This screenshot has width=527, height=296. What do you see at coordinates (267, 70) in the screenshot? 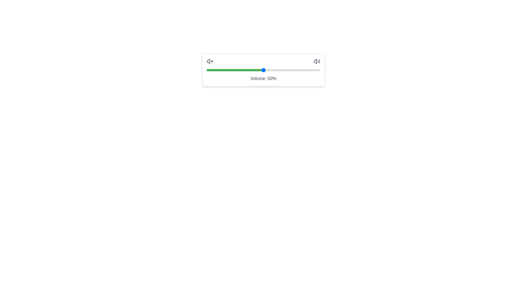
I see `the volume level` at bounding box center [267, 70].